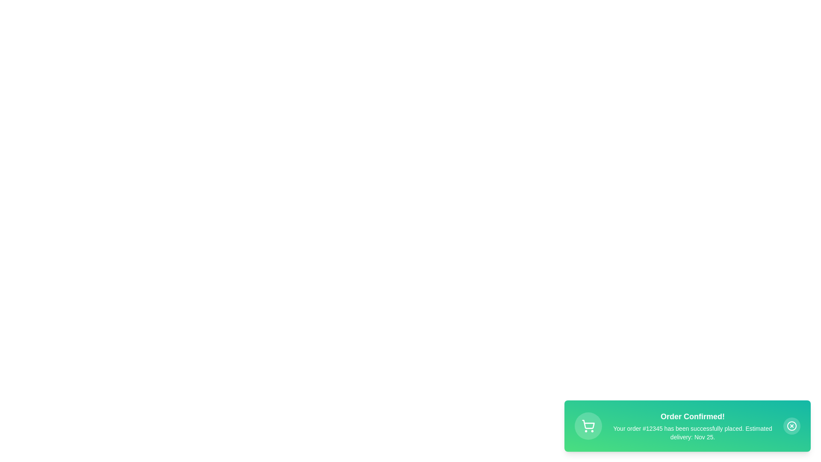  What do you see at coordinates (588, 426) in the screenshot?
I see `the shopping cart icon located in the bottom right corner of the interface inside the order confirmation notification card, centrally aligned vertically within the card` at bounding box center [588, 426].